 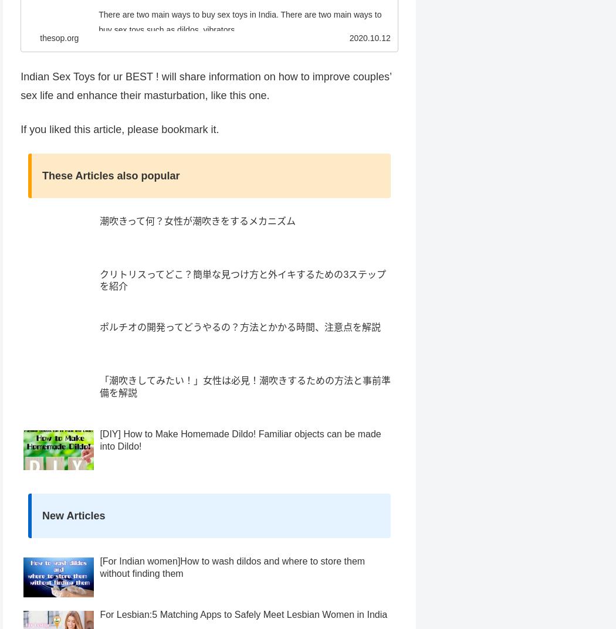 I want to click on 'Indian Sex Toys for ur BEST ! will share information on how to improve couples’ sex life and enhance their masturbation, like this one.', so click(x=205, y=107).